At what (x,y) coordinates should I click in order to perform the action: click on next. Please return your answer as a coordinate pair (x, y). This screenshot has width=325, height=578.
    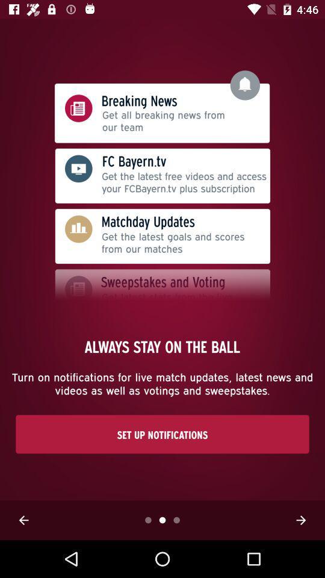
    Looking at the image, I should click on (300, 520).